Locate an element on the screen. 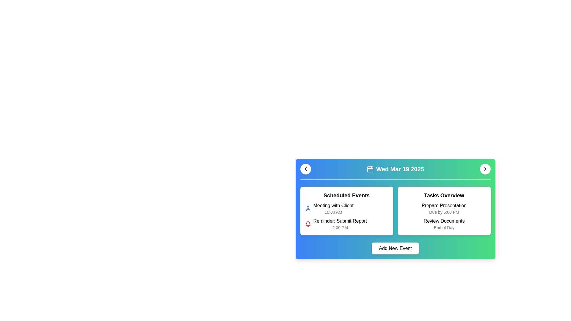 The image size is (571, 321). the List with styled text items that includes 'Prepare Presentation' and 'Review Documents', located in the 'Tasks Overview' card is located at coordinates (444, 216).